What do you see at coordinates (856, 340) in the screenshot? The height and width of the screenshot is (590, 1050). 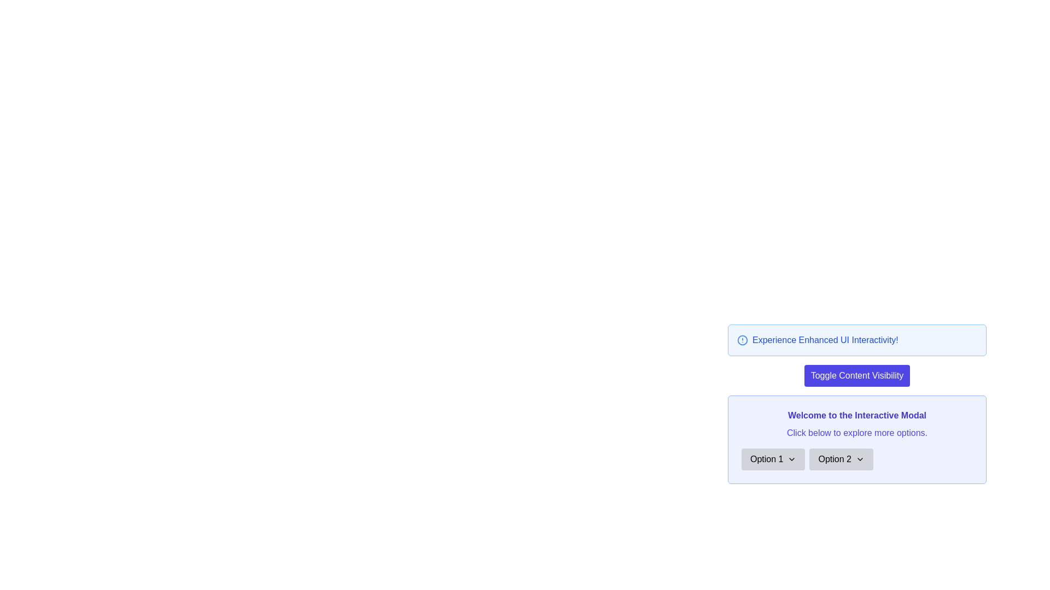 I see `the Informative banner or notification box that presents informational or promotional content, located above the 'Toggle Content Visibility' button and the 'Welcome to the Interactive Modal' section` at bounding box center [856, 340].